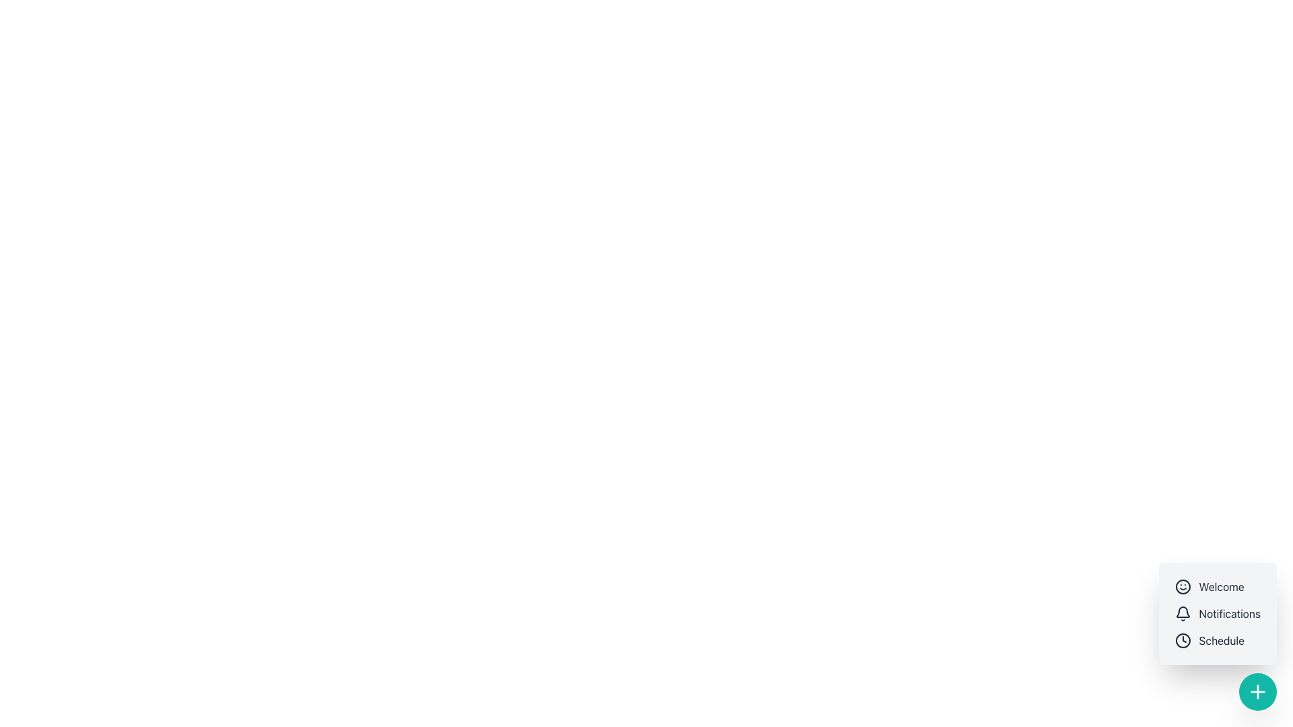  Describe the element at coordinates (1209, 640) in the screenshot. I see `the scheduling button located in the bottom right of the interface, which is the third item in a vertical menu containing 'Welcome' and 'Notifications'` at that location.